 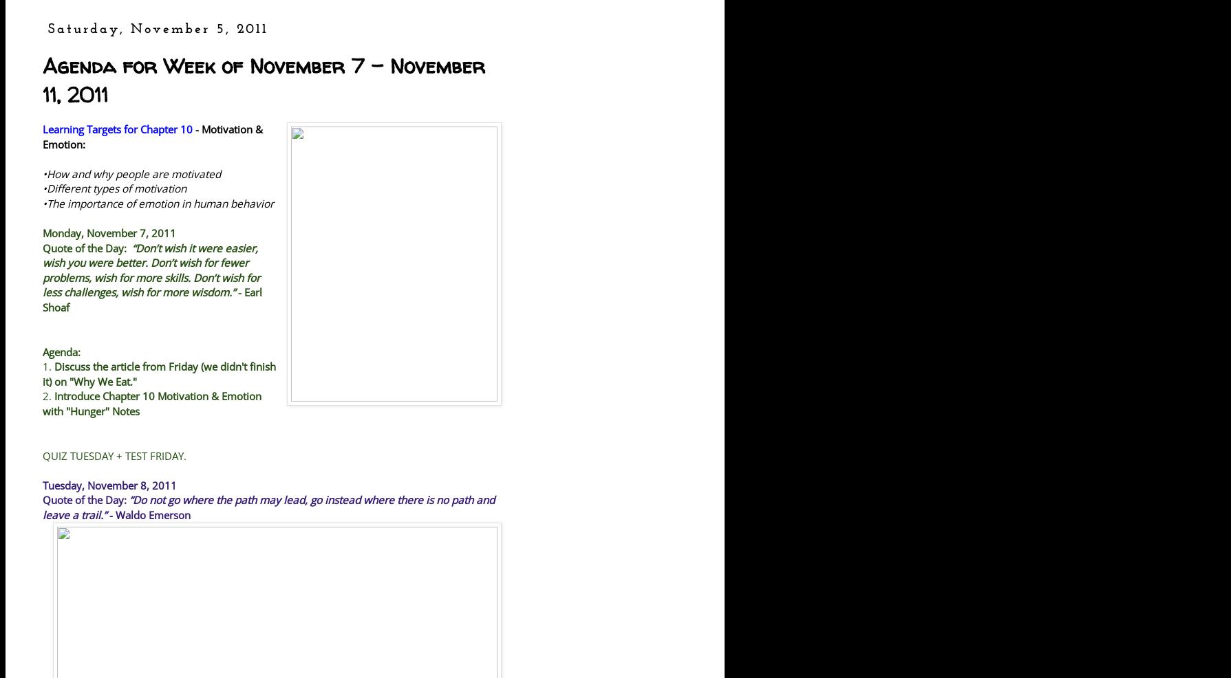 What do you see at coordinates (159, 373) in the screenshot?
I see `'Discuss the article from Friday (we didn't finish it) on "Why We Eat."'` at bounding box center [159, 373].